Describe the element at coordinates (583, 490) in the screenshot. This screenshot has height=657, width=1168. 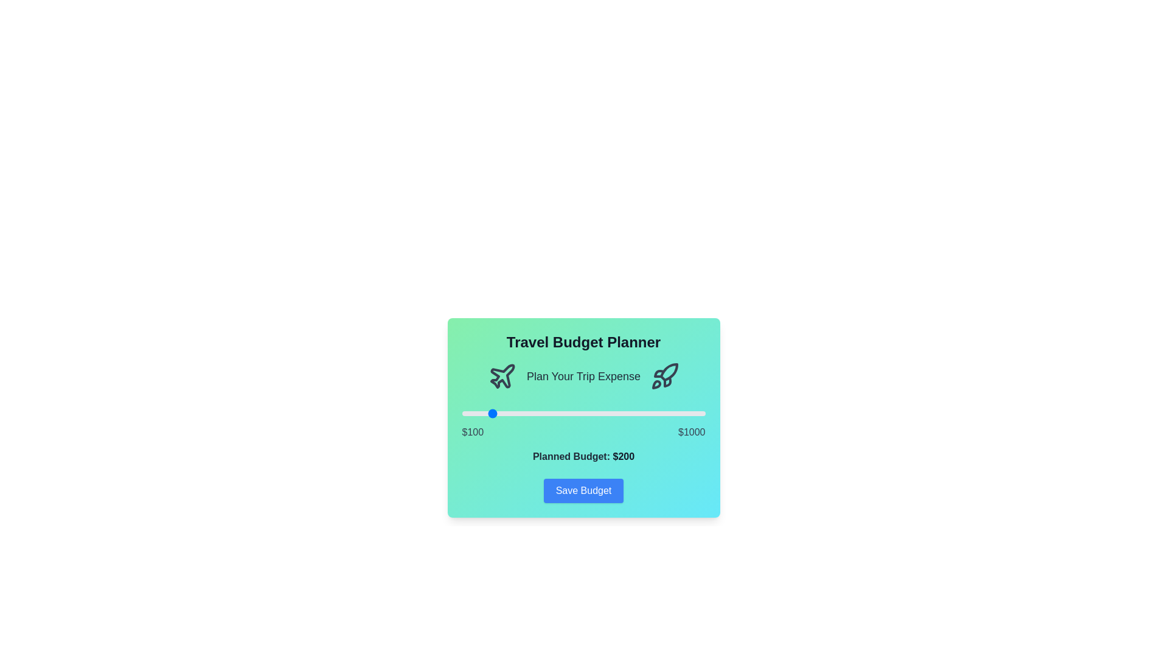
I see `the 'Save Budget' button to save the current planned budget` at that location.